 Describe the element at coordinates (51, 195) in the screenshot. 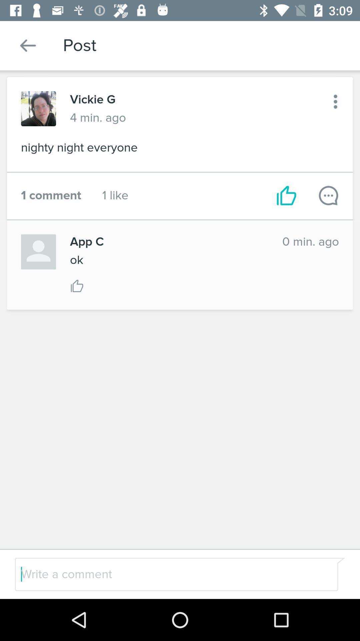

I see `the item next to the 1 like item` at that location.